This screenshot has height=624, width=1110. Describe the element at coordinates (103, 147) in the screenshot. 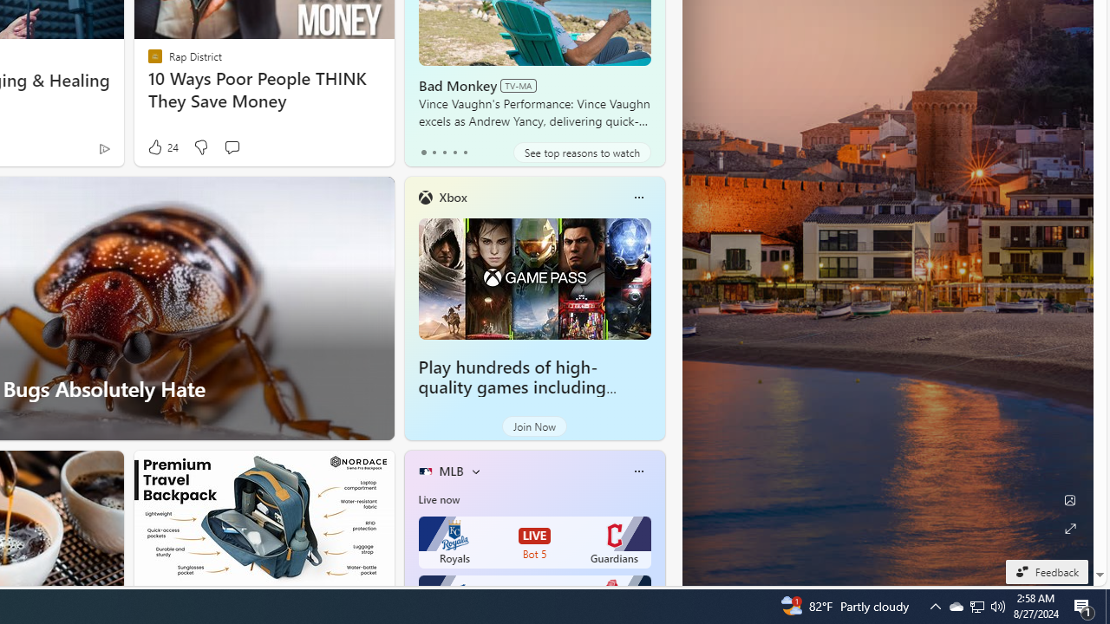

I see `'Ad Choice'` at that location.